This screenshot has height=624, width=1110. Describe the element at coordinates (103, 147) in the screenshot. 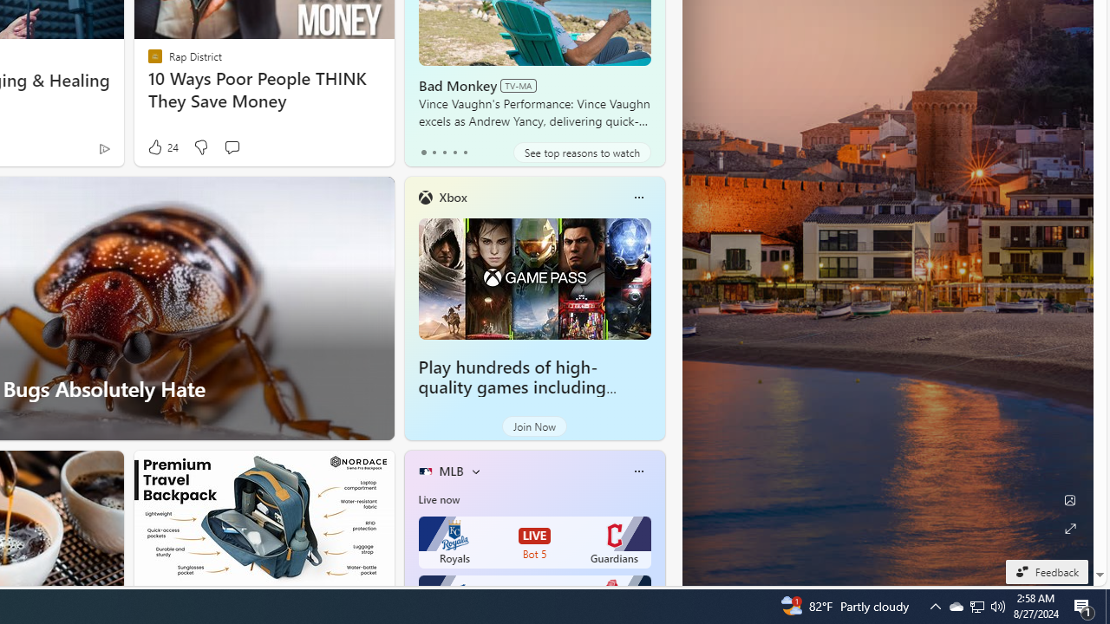

I see `'Ad Choice'` at that location.